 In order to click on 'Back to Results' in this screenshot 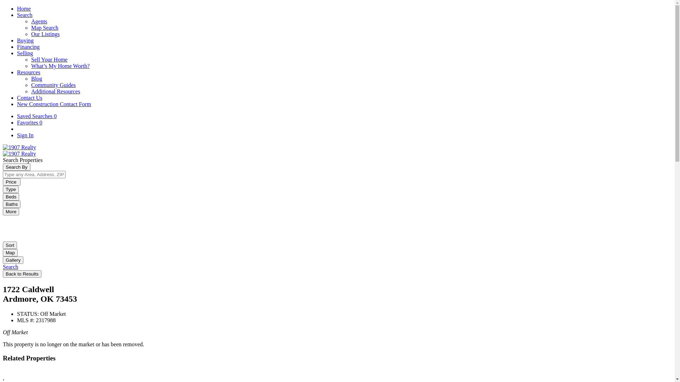, I will do `click(22, 273)`.